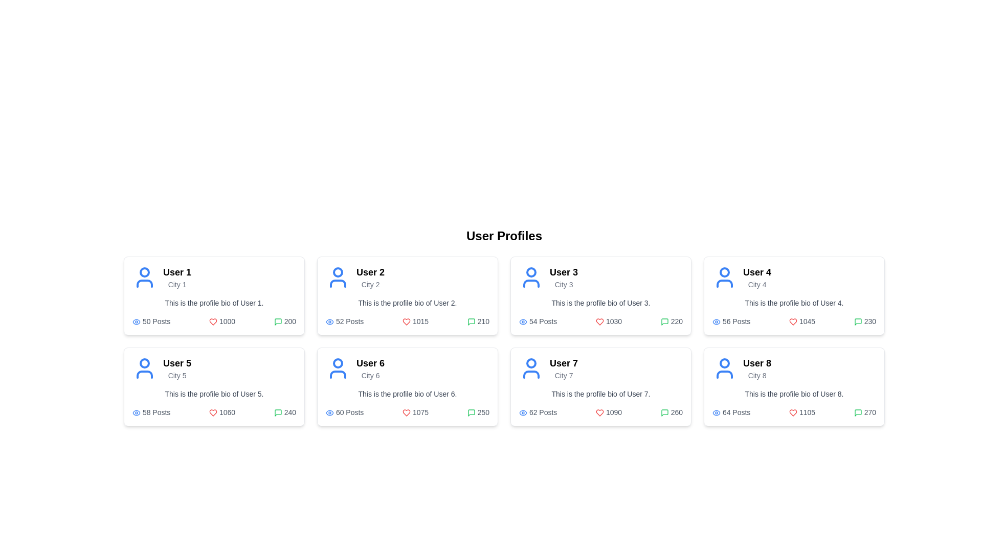 The height and width of the screenshot is (552, 982). I want to click on the decorative circular icon representing the user's head in the profile icon of 'User 4' located in the second row and second column of the grid layout, so click(724, 271).